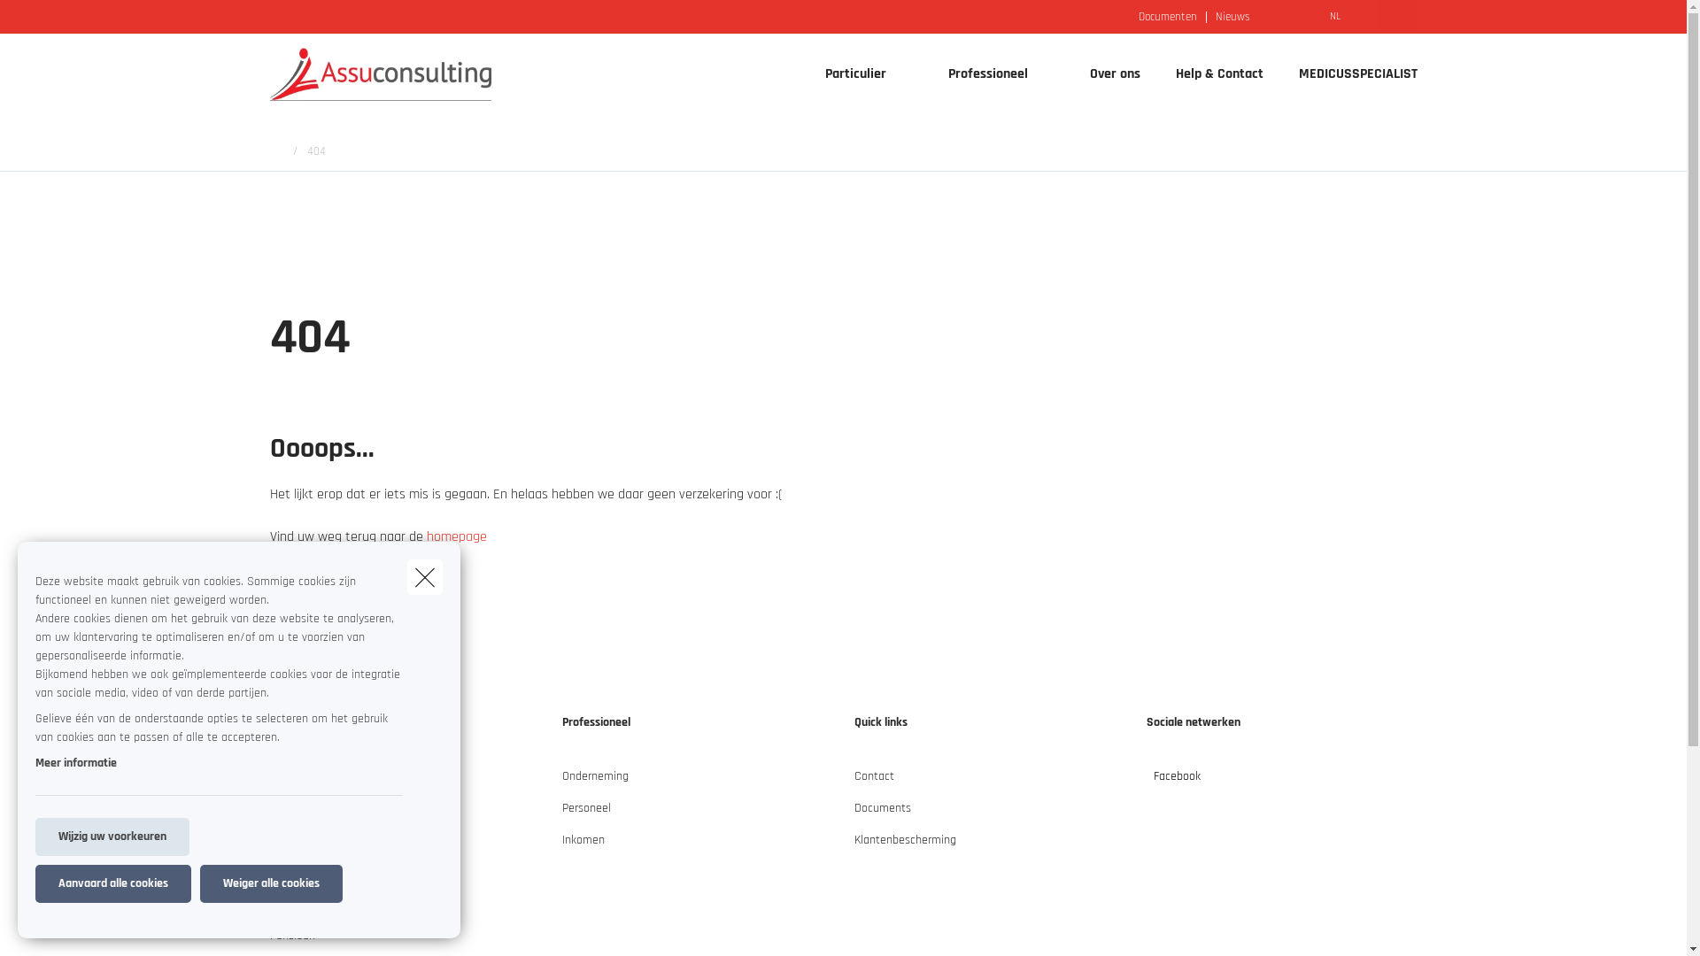 The width and height of the screenshot is (1700, 956). Describe the element at coordinates (1146, 782) in the screenshot. I see `'Facebook'` at that location.